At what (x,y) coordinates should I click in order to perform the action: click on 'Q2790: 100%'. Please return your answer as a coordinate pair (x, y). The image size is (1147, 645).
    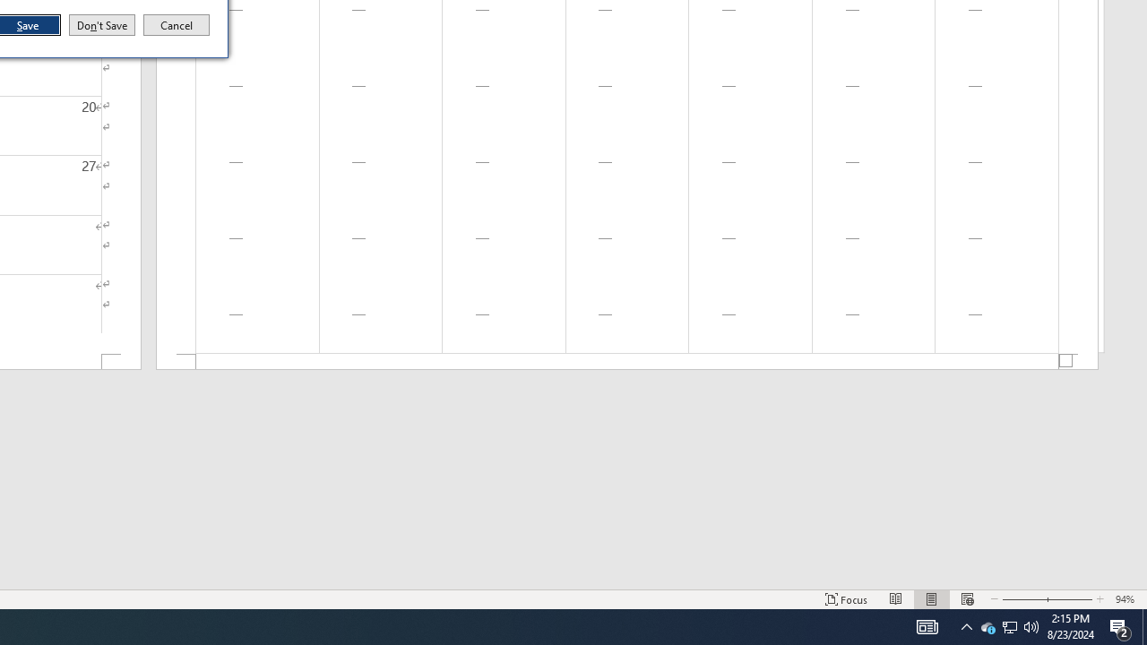
    Looking at the image, I should click on (1031, 625).